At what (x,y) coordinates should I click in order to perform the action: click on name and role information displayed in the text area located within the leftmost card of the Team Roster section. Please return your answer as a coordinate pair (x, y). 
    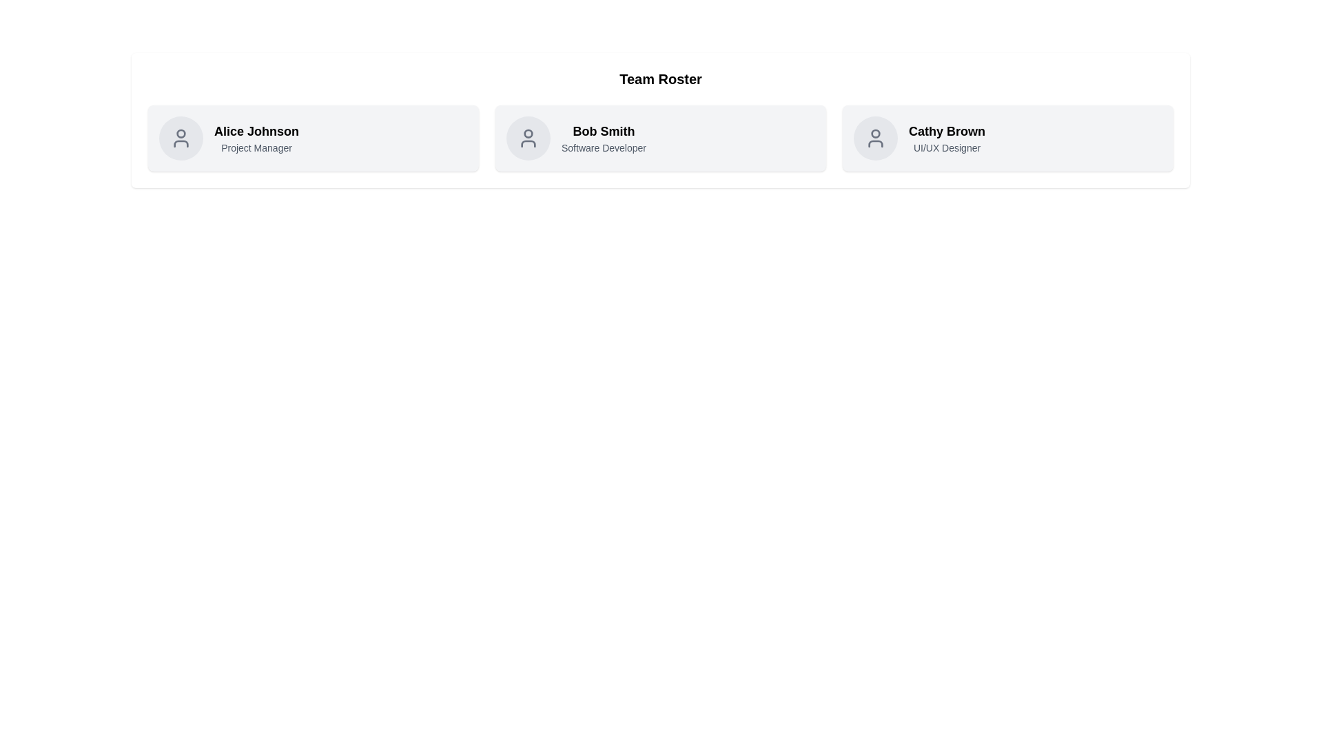
    Looking at the image, I should click on (256, 138).